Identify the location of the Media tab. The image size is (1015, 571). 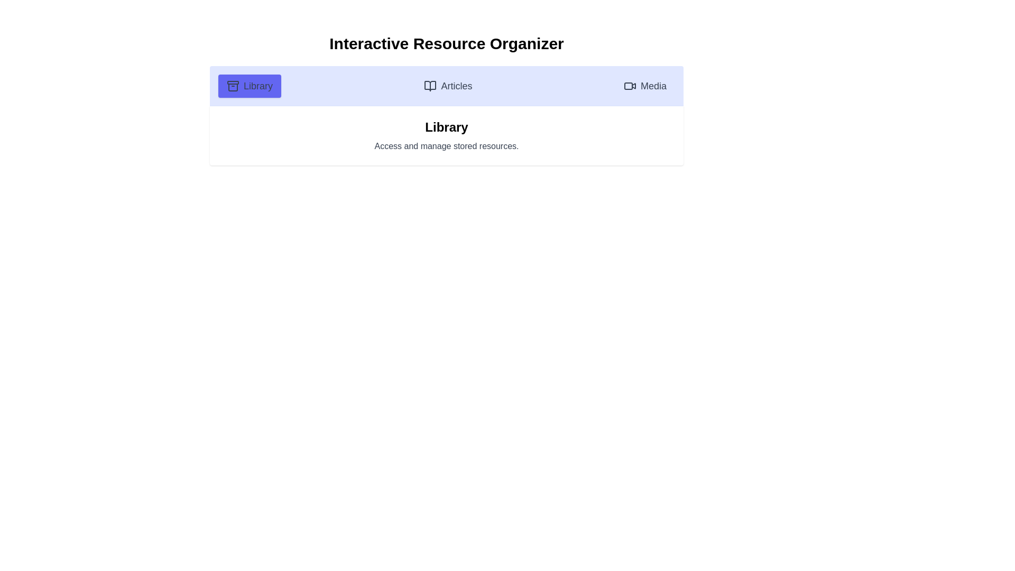
(644, 85).